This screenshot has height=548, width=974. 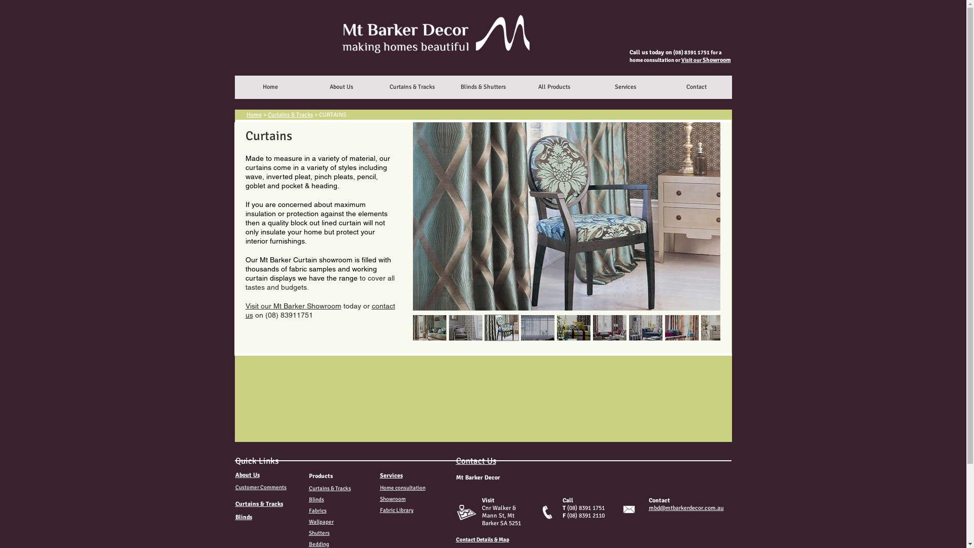 I want to click on 'Wallpaper', so click(x=320, y=522).